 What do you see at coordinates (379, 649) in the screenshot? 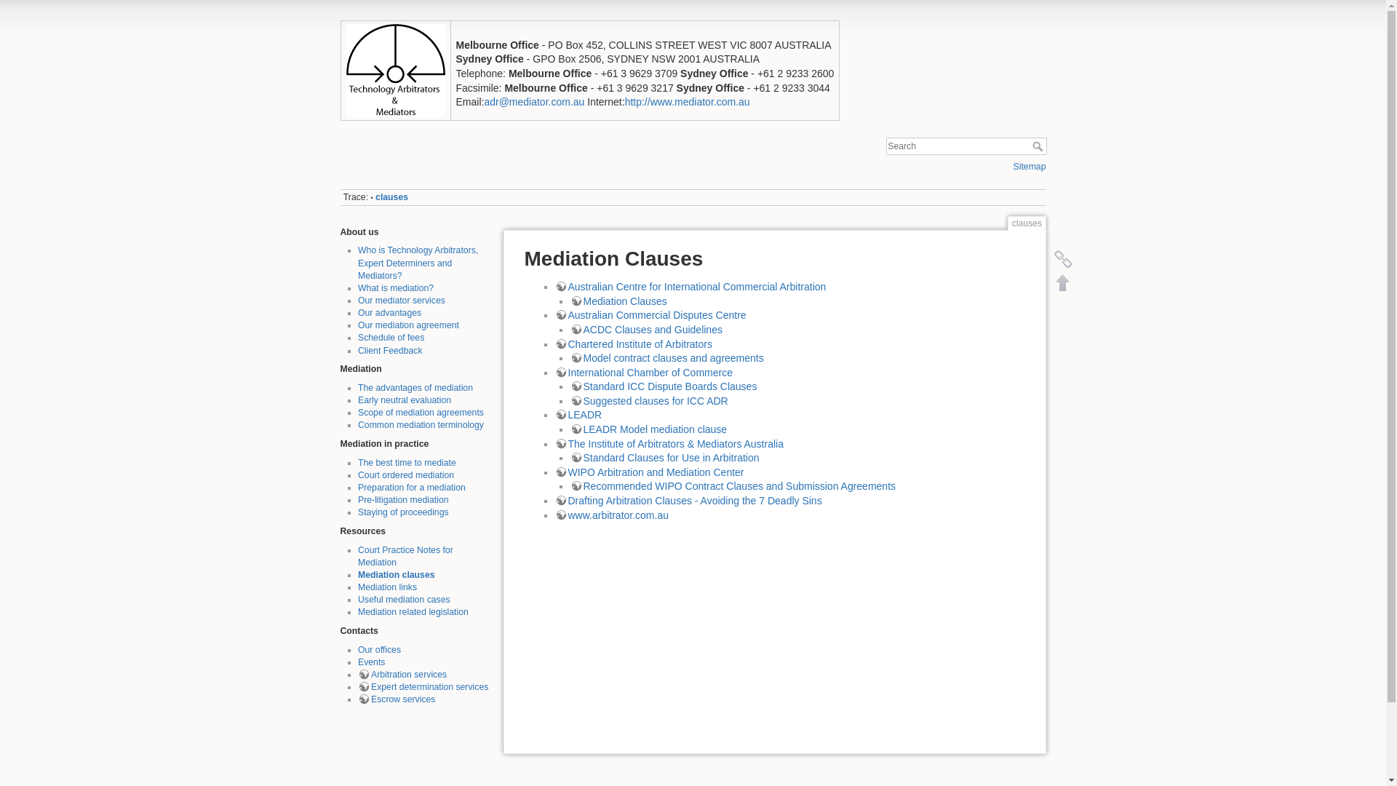
I see `'Our offices'` at bounding box center [379, 649].